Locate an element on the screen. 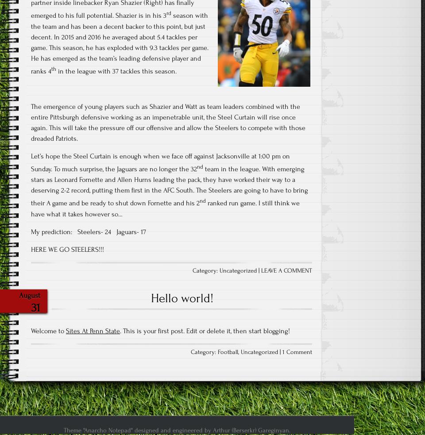 Image resolution: width=425 pixels, height=435 pixels. 'The emergence of young players such as Shazier and Watt as team leaders combined with the entire Pittsburgh defensive working as an impenetrable unit, the Steel Curtain will rise once again. This will take the pressure off our offensive and allow the Steelers to compete with those dreaded Patriots.' is located at coordinates (167, 122).